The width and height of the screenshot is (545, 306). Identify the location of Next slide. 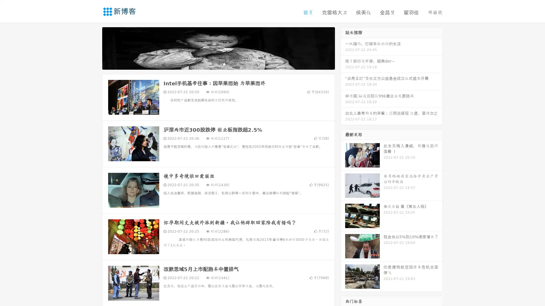
(343, 48).